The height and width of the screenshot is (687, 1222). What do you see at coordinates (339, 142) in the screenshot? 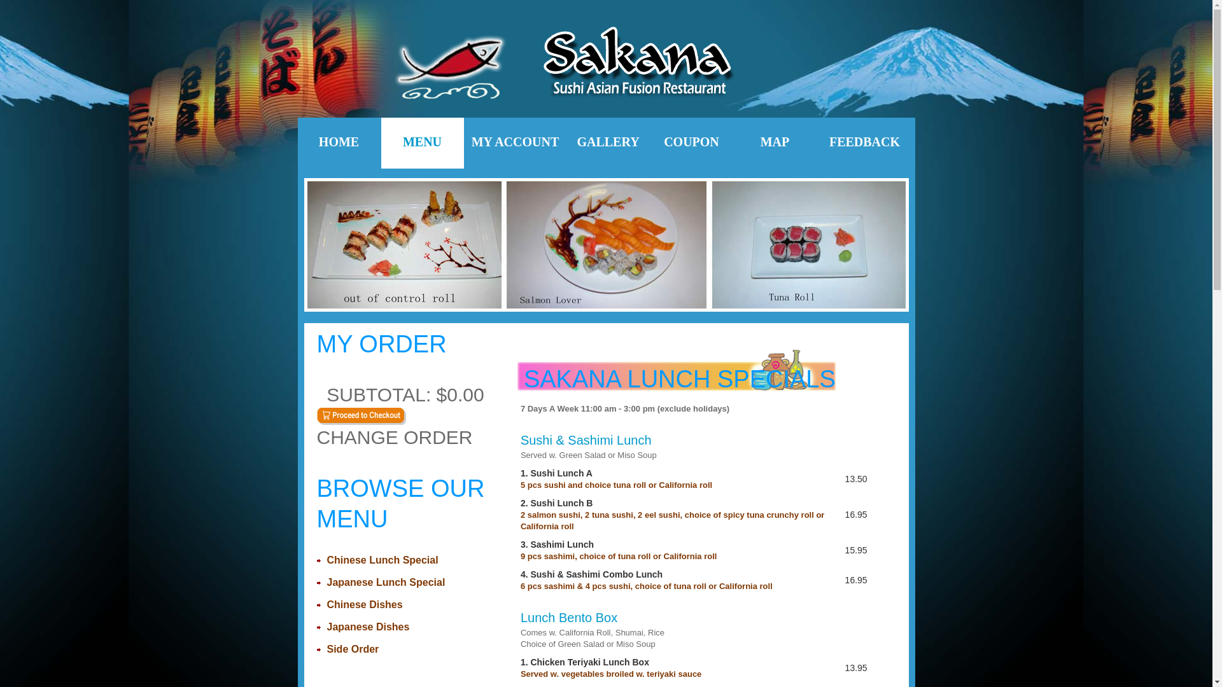
I see `'HOME'` at bounding box center [339, 142].